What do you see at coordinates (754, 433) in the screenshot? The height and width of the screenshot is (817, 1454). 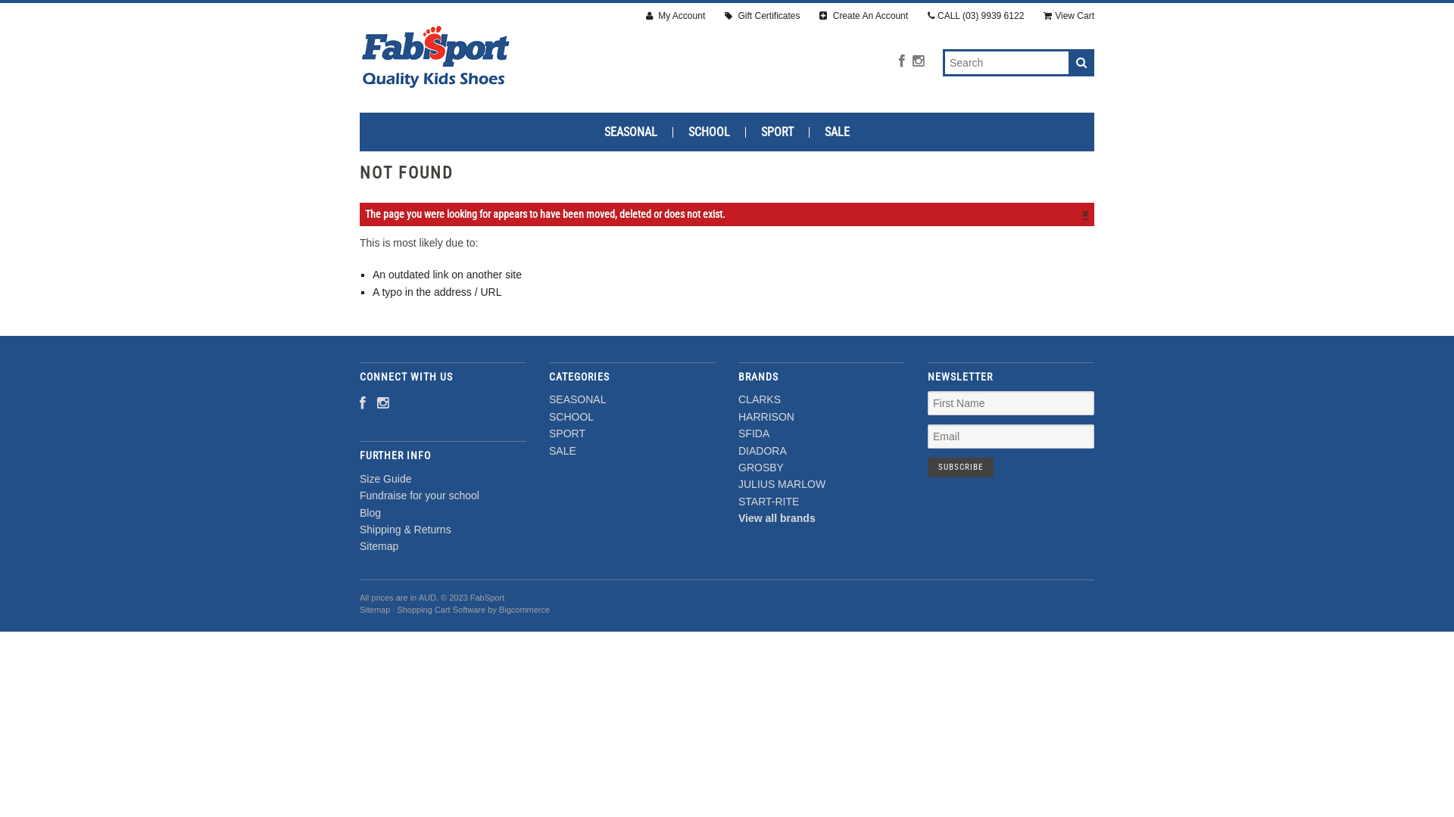 I see `'SFIDA'` at bounding box center [754, 433].